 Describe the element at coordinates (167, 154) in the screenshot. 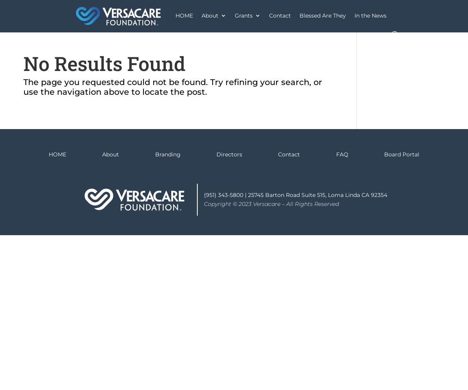

I see `'Branding'` at that location.